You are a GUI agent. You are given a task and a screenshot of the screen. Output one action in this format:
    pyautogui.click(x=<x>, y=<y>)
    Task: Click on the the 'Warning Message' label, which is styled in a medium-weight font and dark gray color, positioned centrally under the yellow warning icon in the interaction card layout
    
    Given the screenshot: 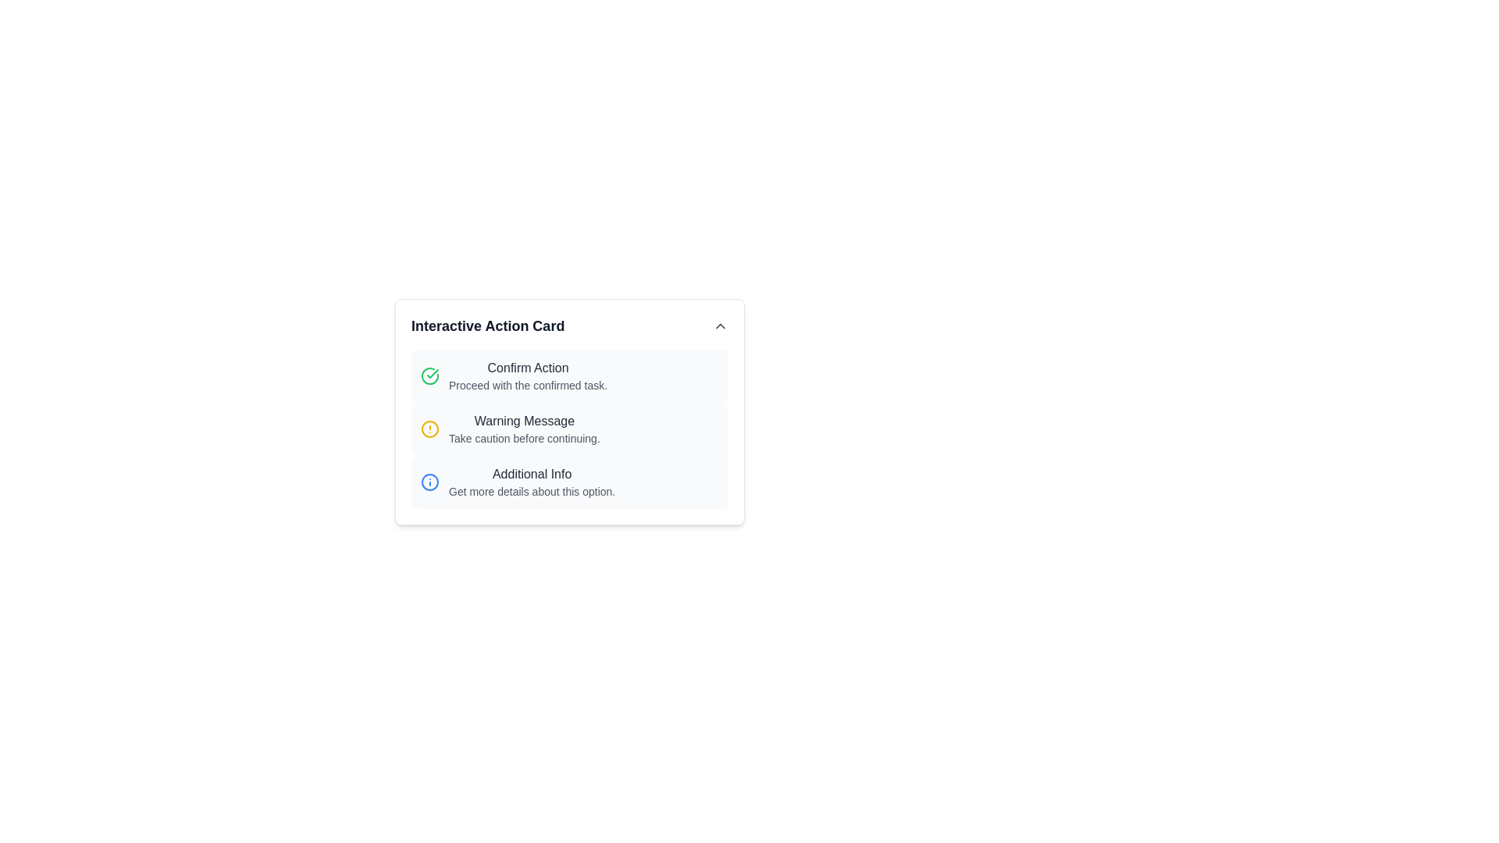 What is the action you would take?
    pyautogui.click(x=525, y=421)
    